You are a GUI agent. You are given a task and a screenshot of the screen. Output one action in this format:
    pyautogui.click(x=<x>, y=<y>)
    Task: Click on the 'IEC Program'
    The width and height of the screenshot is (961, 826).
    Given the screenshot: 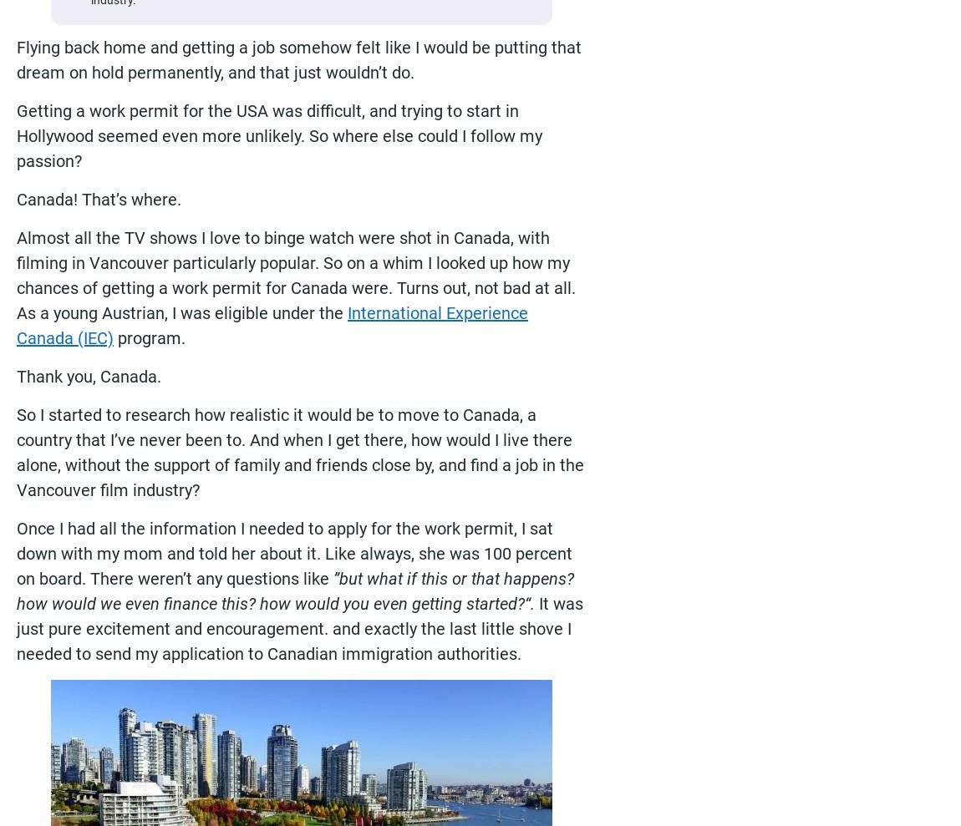 What is the action you would take?
    pyautogui.click(x=363, y=808)
    